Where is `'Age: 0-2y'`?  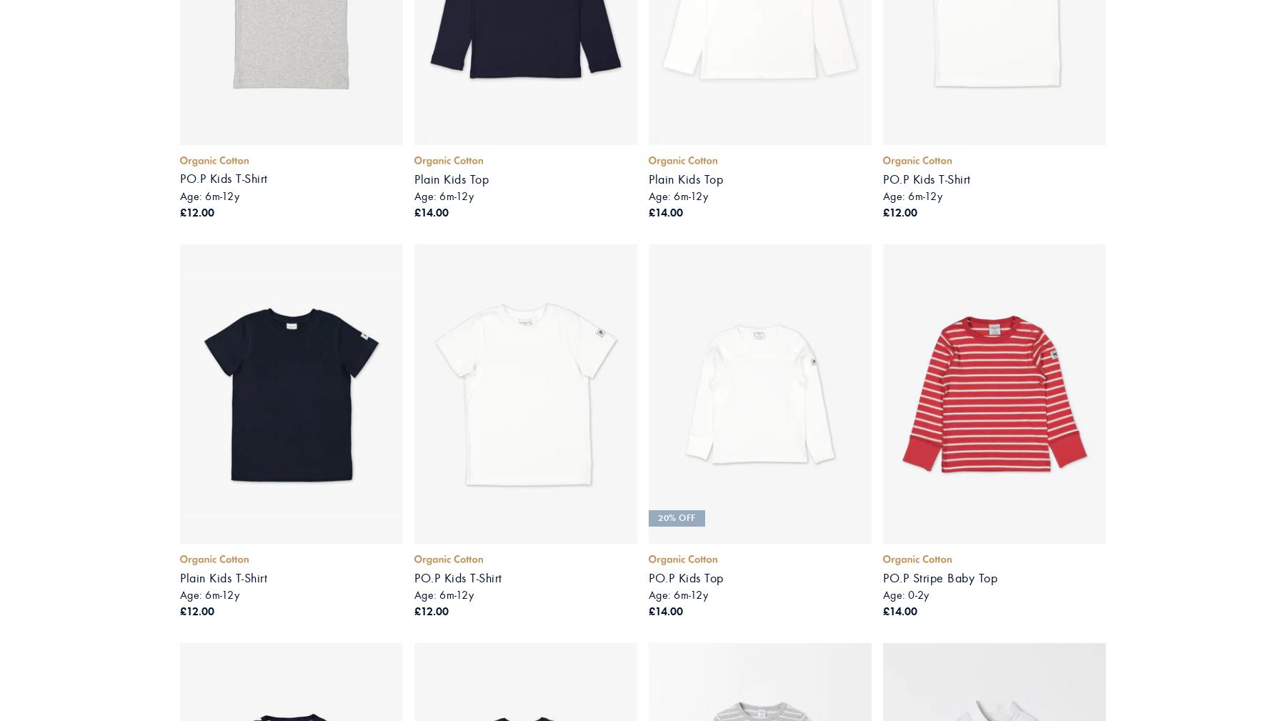 'Age: 0-2y' is located at coordinates (905, 595).